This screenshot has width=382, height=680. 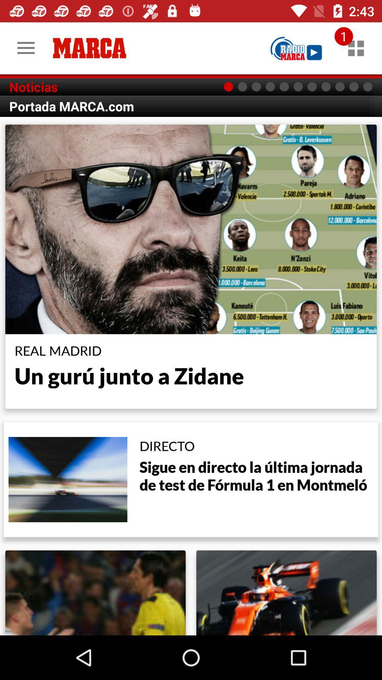 What do you see at coordinates (296, 48) in the screenshot?
I see `item next to noticias item` at bounding box center [296, 48].